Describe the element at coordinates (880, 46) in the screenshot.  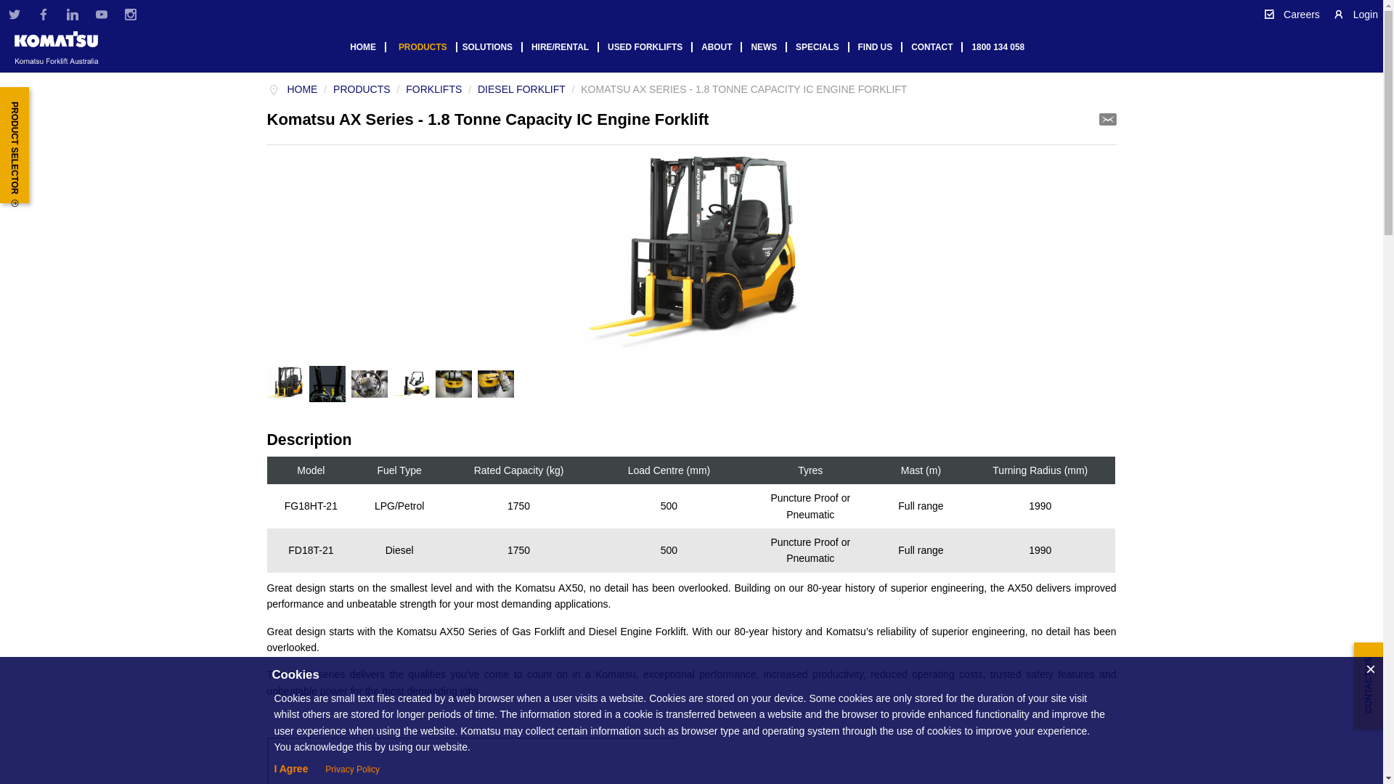
I see `'FIND US'` at that location.